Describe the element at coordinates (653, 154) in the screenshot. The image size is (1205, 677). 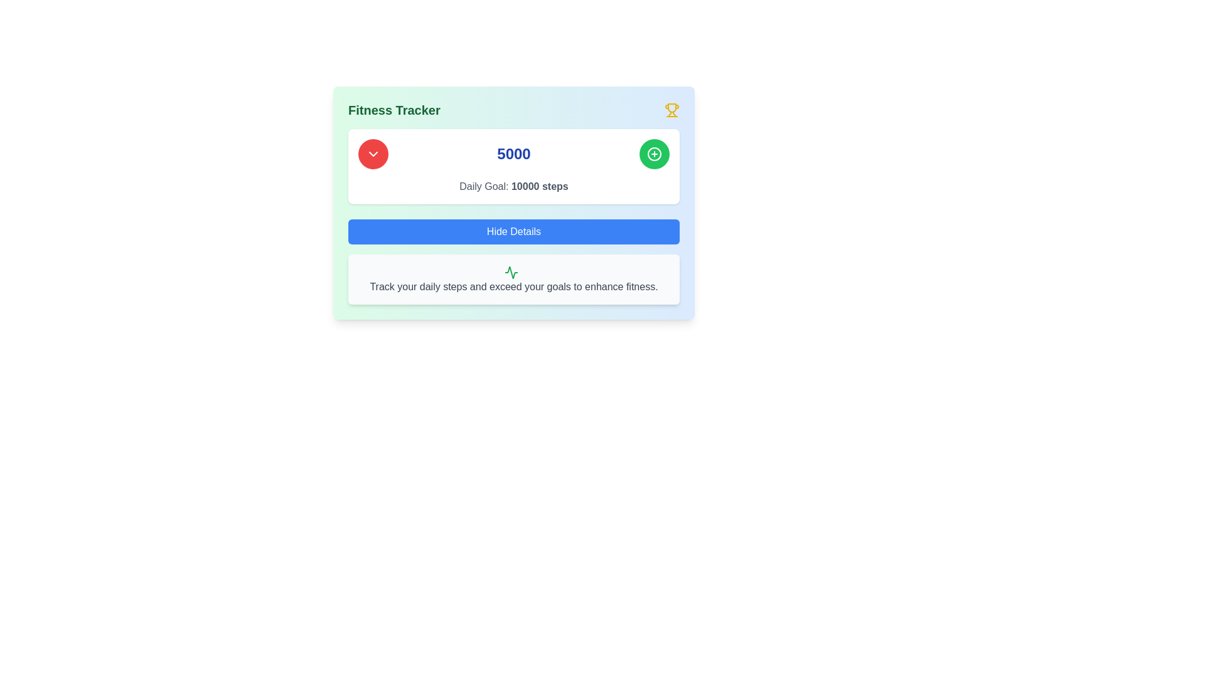
I see `the circular icon with a plus sign located in the top-right corner of the card interface` at that location.